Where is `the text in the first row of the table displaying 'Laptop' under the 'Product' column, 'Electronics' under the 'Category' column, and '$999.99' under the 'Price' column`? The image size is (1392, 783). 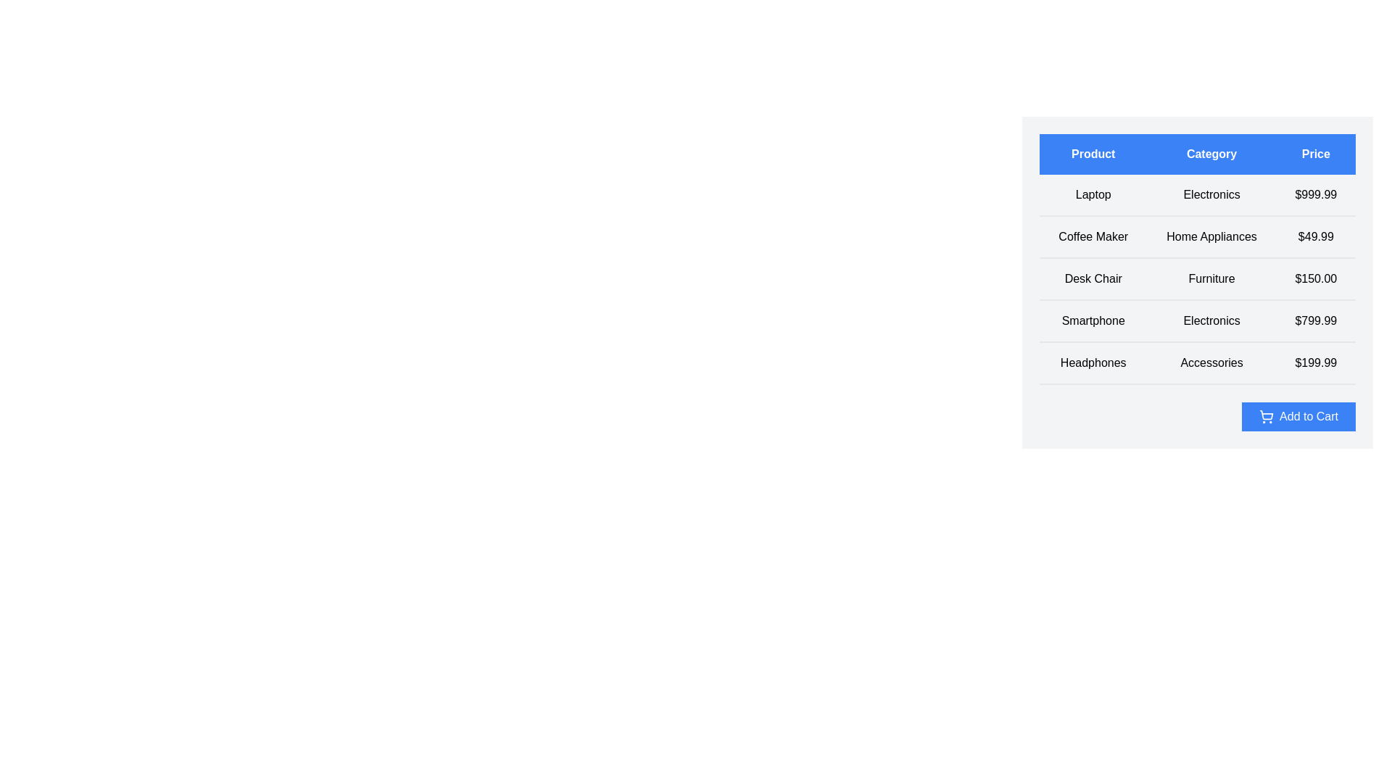 the text in the first row of the table displaying 'Laptop' under the 'Product' column, 'Electronics' under the 'Category' column, and '$999.99' under the 'Price' column is located at coordinates (1197, 194).